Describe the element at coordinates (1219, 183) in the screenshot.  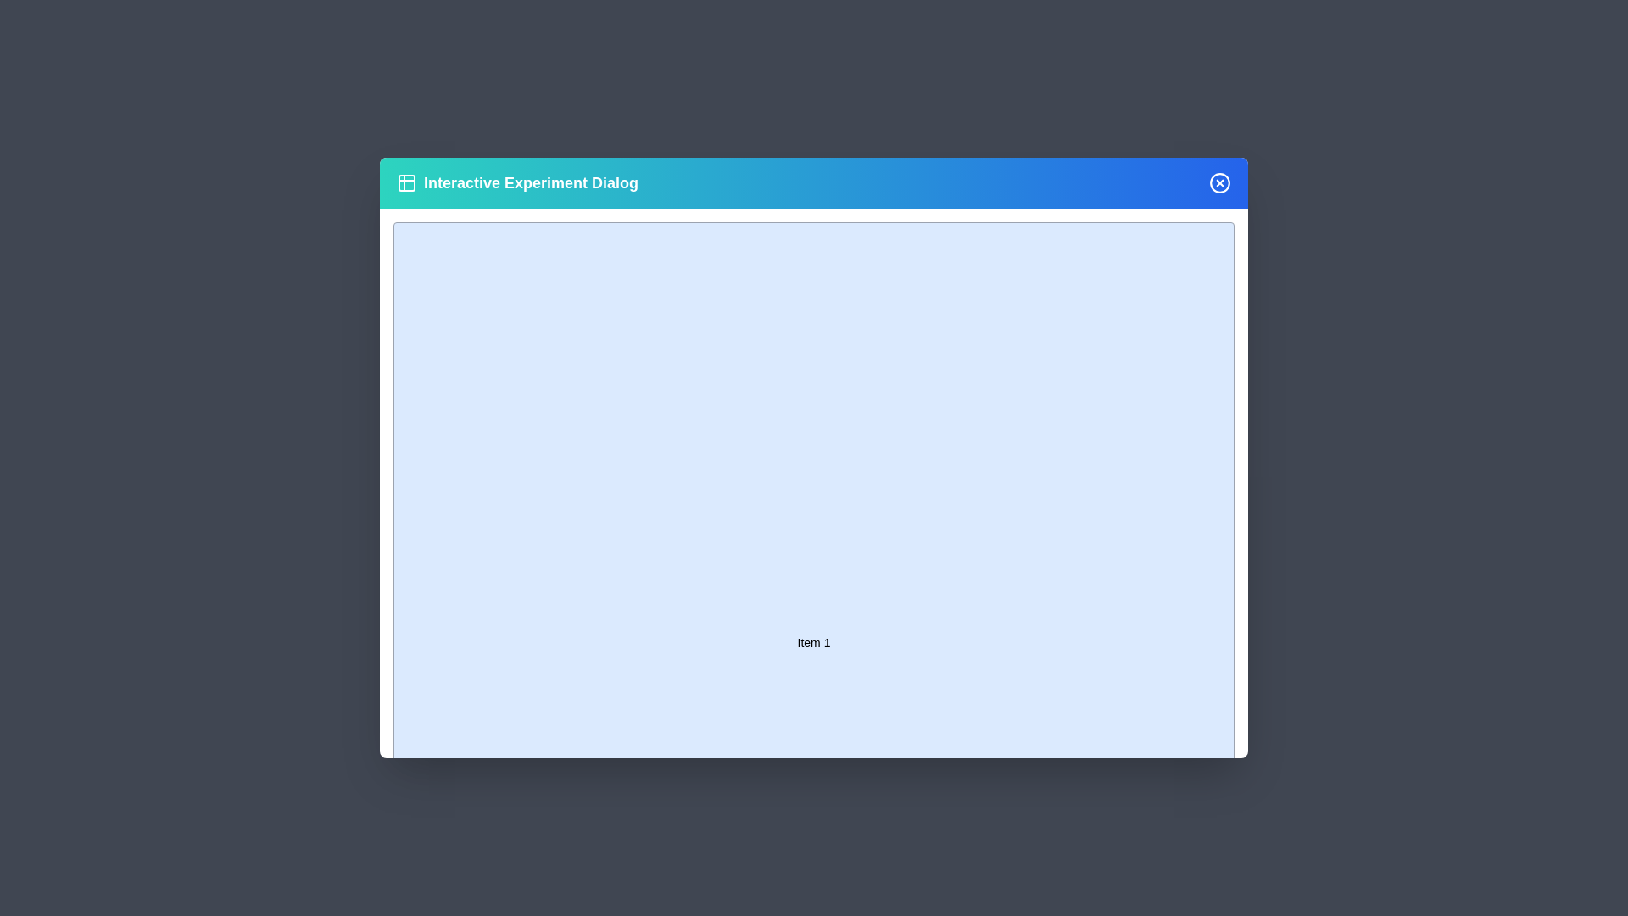
I see `the close button in the top-right corner of the dialog` at that location.